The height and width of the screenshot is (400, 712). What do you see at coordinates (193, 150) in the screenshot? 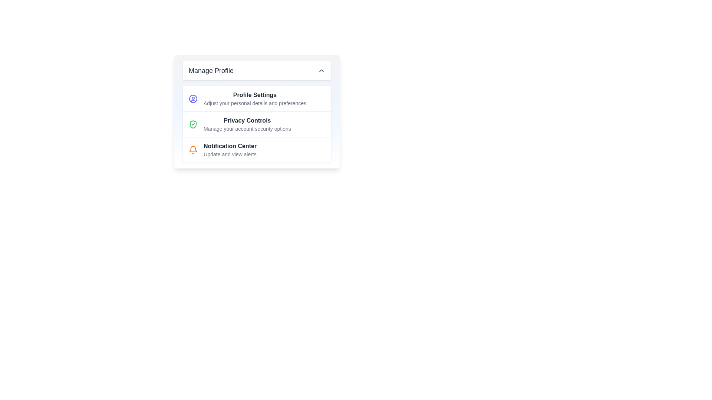
I see `the 'Notification Center' icon located on the left side of the third row in the dropdown menu under the 'Manage Profile' section, which visually represents the Notification Center functionality` at bounding box center [193, 150].